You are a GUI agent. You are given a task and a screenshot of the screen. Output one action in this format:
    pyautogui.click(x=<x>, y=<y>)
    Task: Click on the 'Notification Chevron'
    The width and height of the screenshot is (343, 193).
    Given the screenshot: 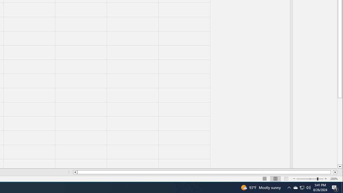 What is the action you would take?
    pyautogui.click(x=289, y=187)
    